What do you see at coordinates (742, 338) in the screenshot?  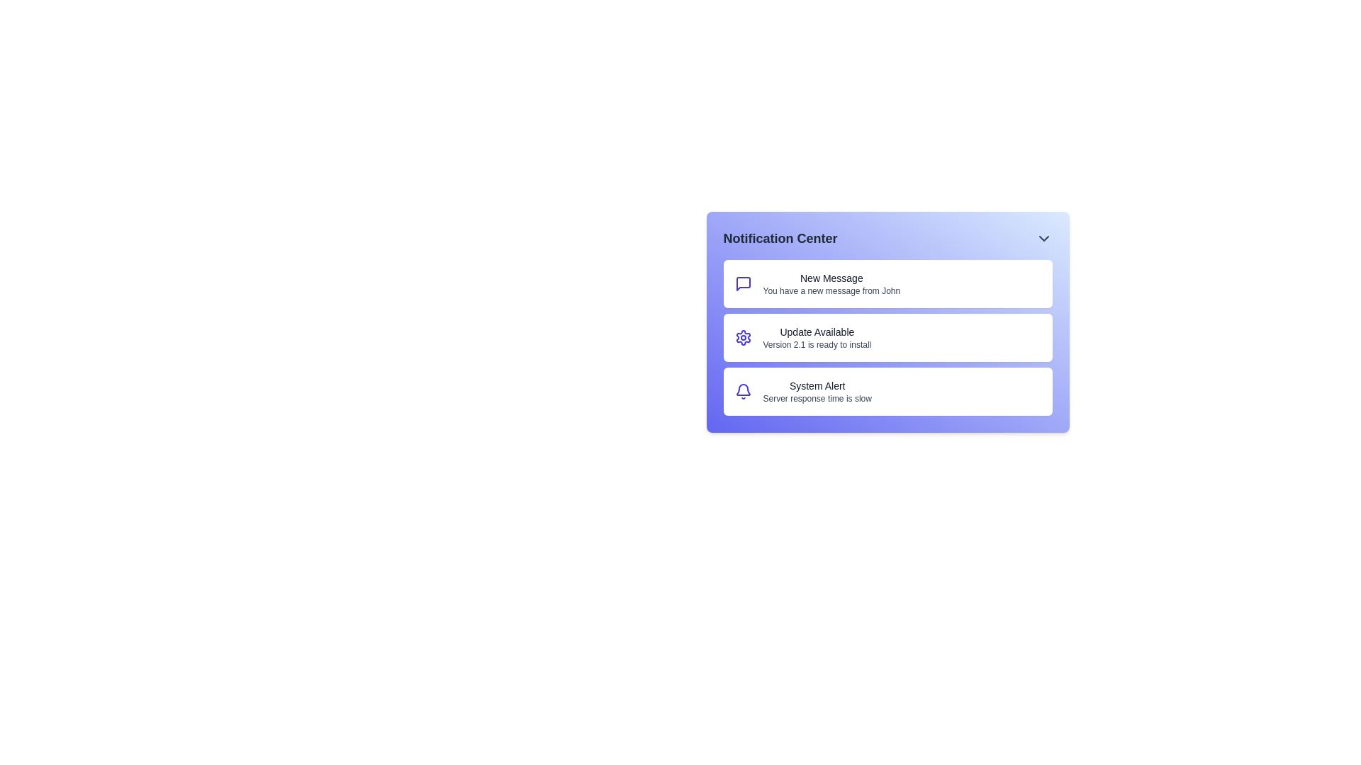 I see `the notification icon for Update Available` at bounding box center [742, 338].